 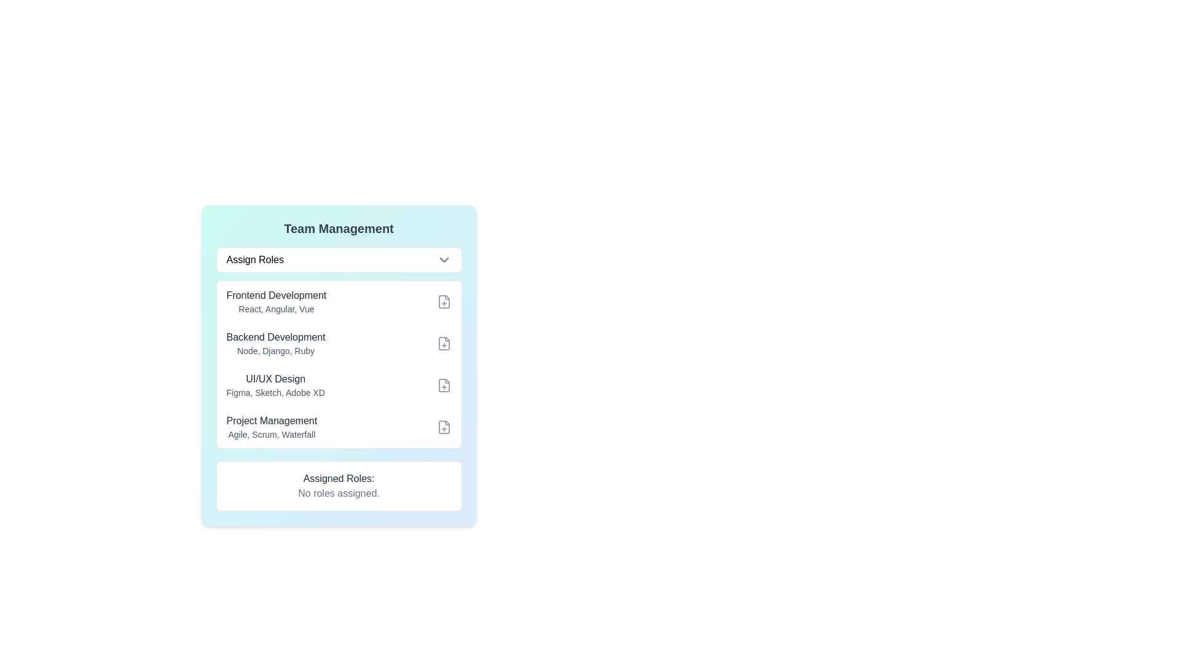 I want to click on the action indicator icon located adjacent to the 'Backend Development' section, so click(x=443, y=344).